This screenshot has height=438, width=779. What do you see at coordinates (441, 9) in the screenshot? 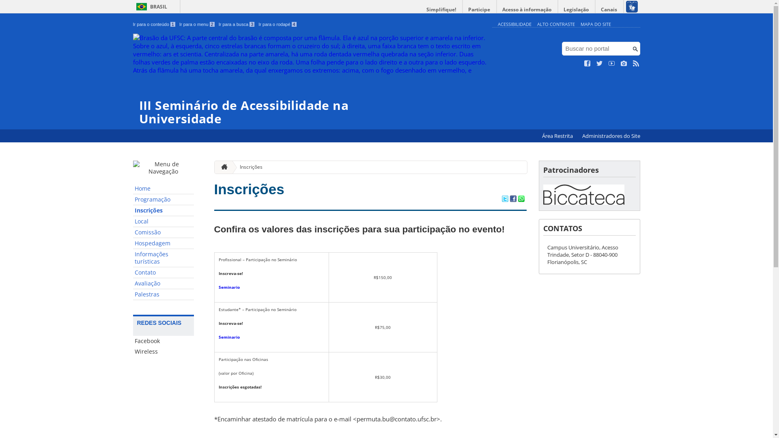
I see `'Simplifique!'` at bounding box center [441, 9].